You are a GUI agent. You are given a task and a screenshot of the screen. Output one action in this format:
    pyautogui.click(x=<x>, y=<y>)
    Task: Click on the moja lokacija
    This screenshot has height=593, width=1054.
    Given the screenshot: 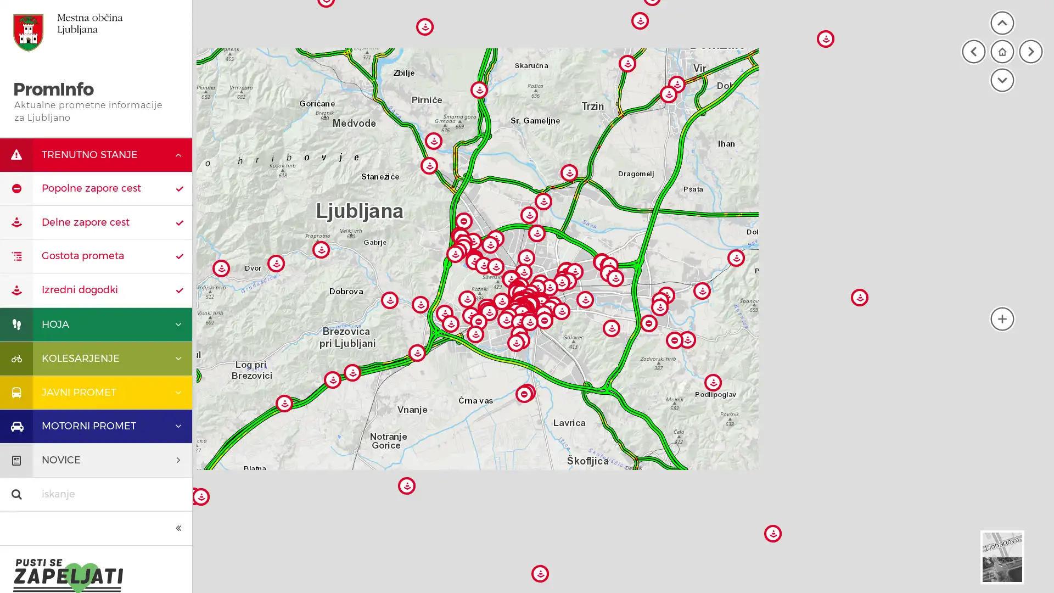 What is the action you would take?
    pyautogui.click(x=1002, y=122)
    